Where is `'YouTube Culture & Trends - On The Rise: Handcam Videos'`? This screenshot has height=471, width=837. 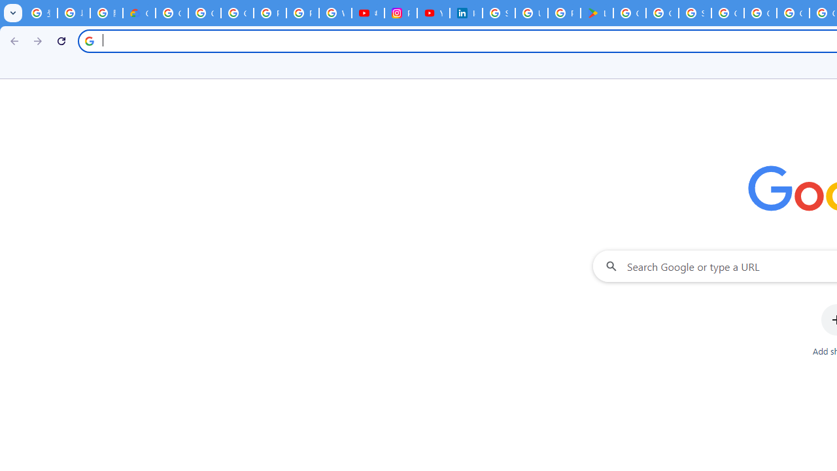 'YouTube Culture & Trends - On The Rise: Handcam Videos' is located at coordinates (434, 13).